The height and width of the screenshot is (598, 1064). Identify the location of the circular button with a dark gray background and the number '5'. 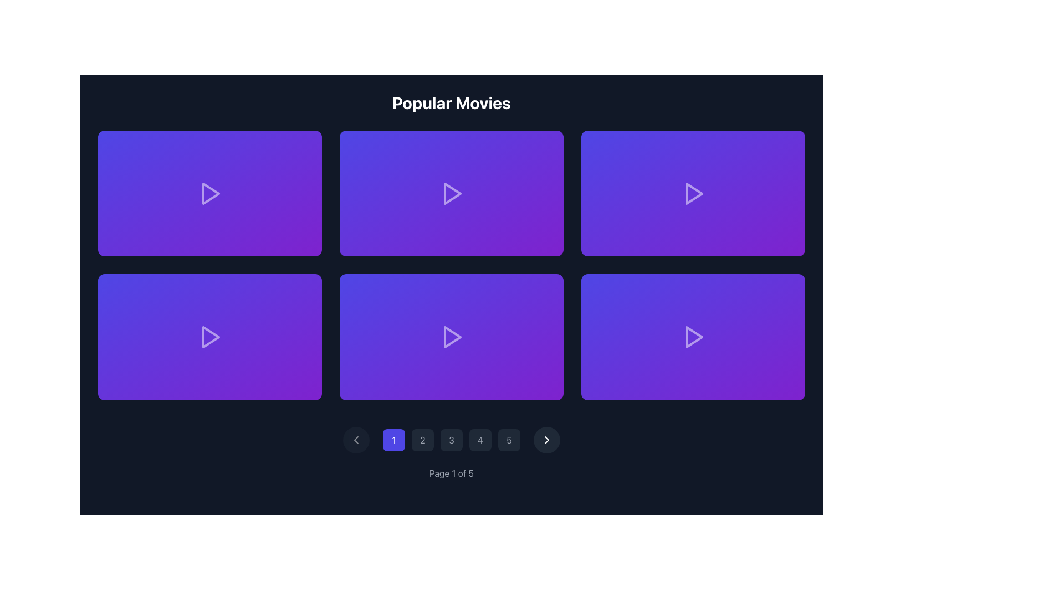
(508, 439).